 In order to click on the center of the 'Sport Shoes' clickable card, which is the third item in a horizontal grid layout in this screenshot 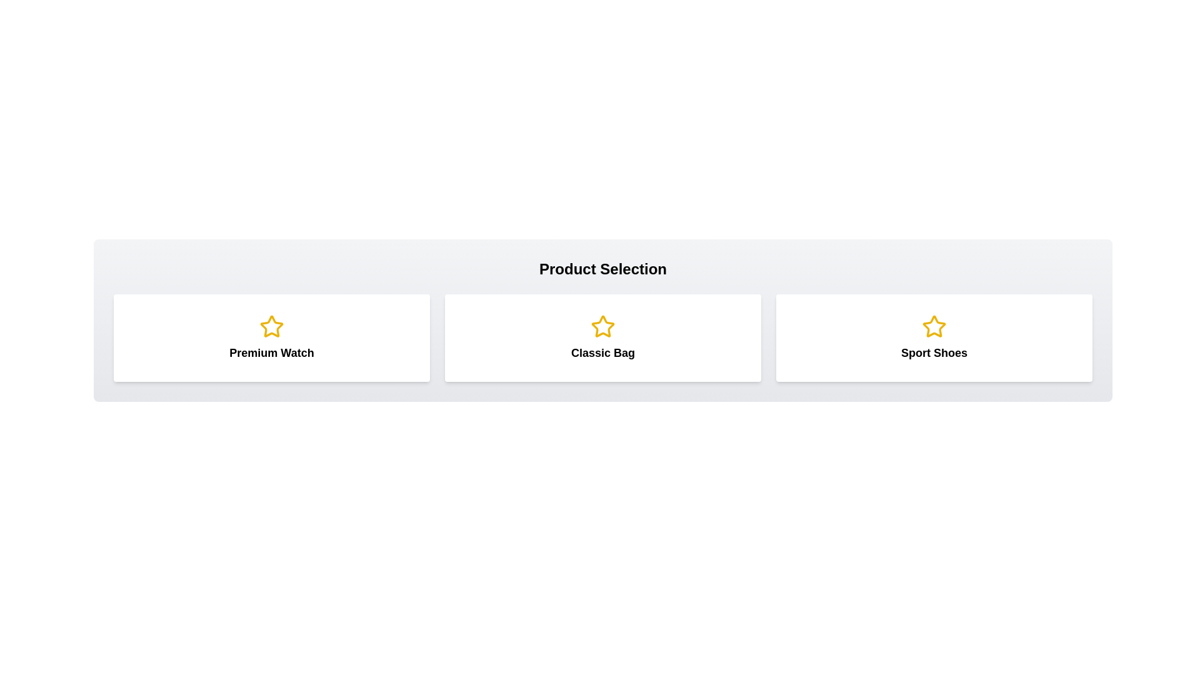, I will do `click(934, 337)`.